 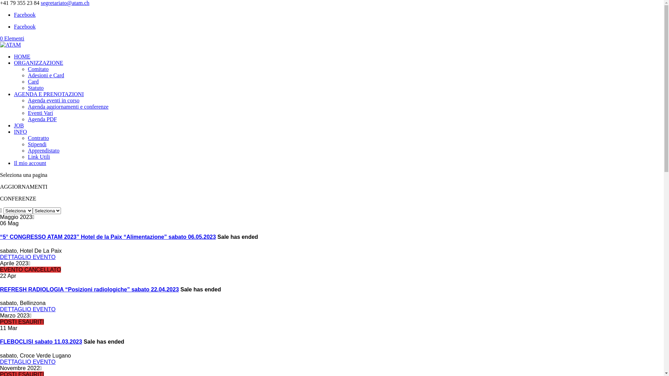 I want to click on 'Eventi Vari', so click(x=28, y=112).